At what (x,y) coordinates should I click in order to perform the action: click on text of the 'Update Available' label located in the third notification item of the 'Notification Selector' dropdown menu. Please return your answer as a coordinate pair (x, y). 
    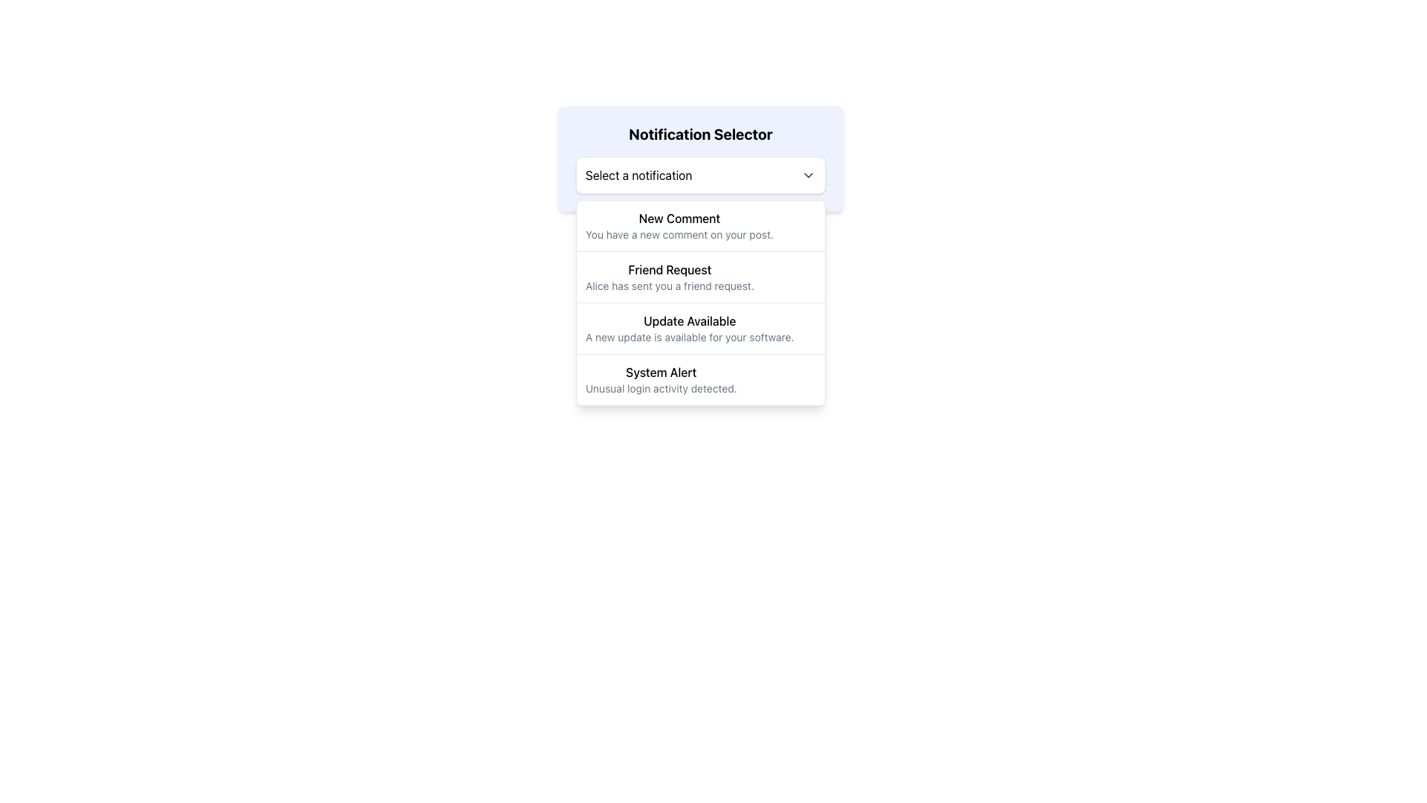
    Looking at the image, I should click on (689, 320).